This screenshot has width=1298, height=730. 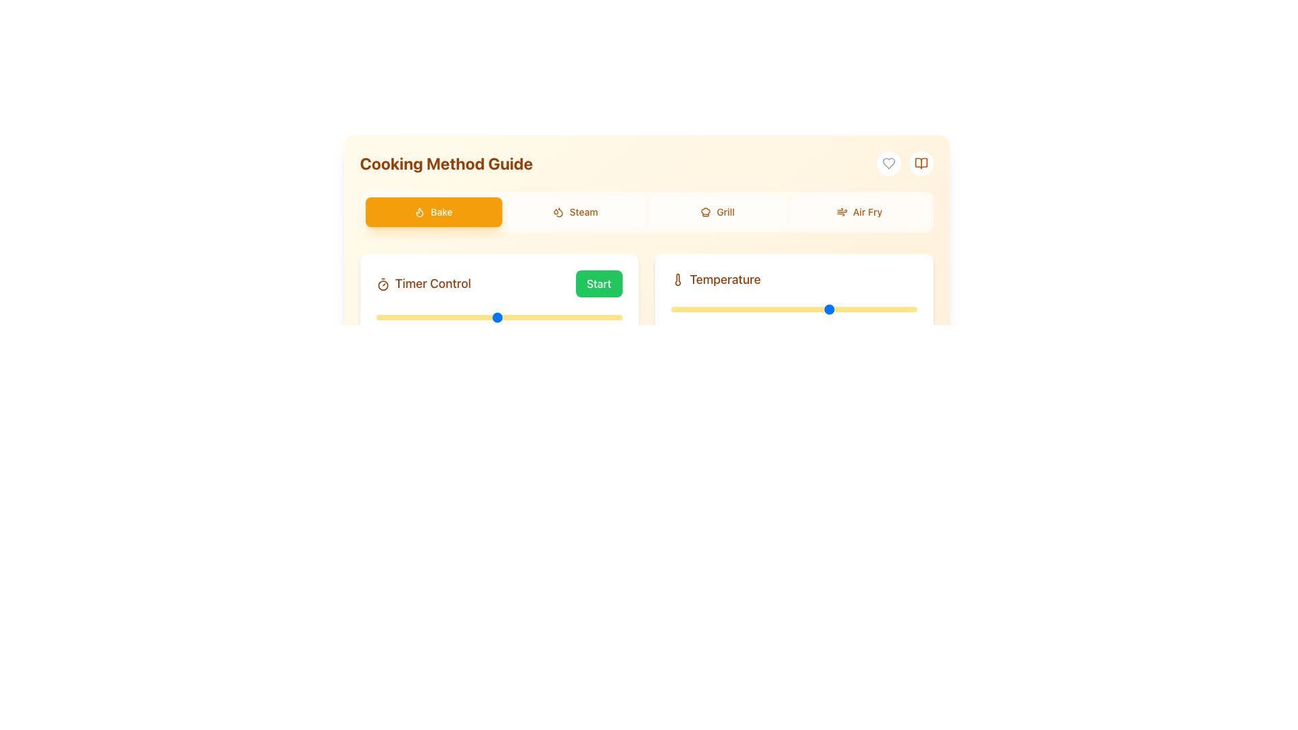 I want to click on the slider, so click(x=758, y=310).